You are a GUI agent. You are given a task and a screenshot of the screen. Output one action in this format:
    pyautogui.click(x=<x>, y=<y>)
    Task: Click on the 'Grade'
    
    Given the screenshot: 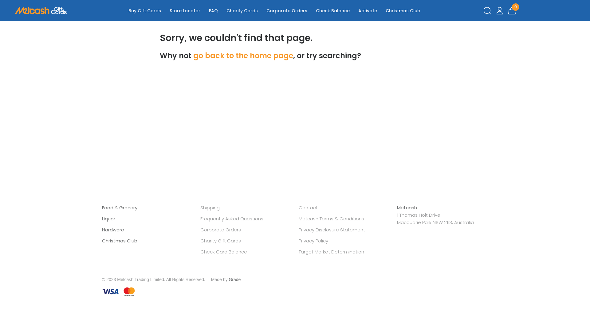 What is the action you would take?
    pyautogui.click(x=234, y=279)
    